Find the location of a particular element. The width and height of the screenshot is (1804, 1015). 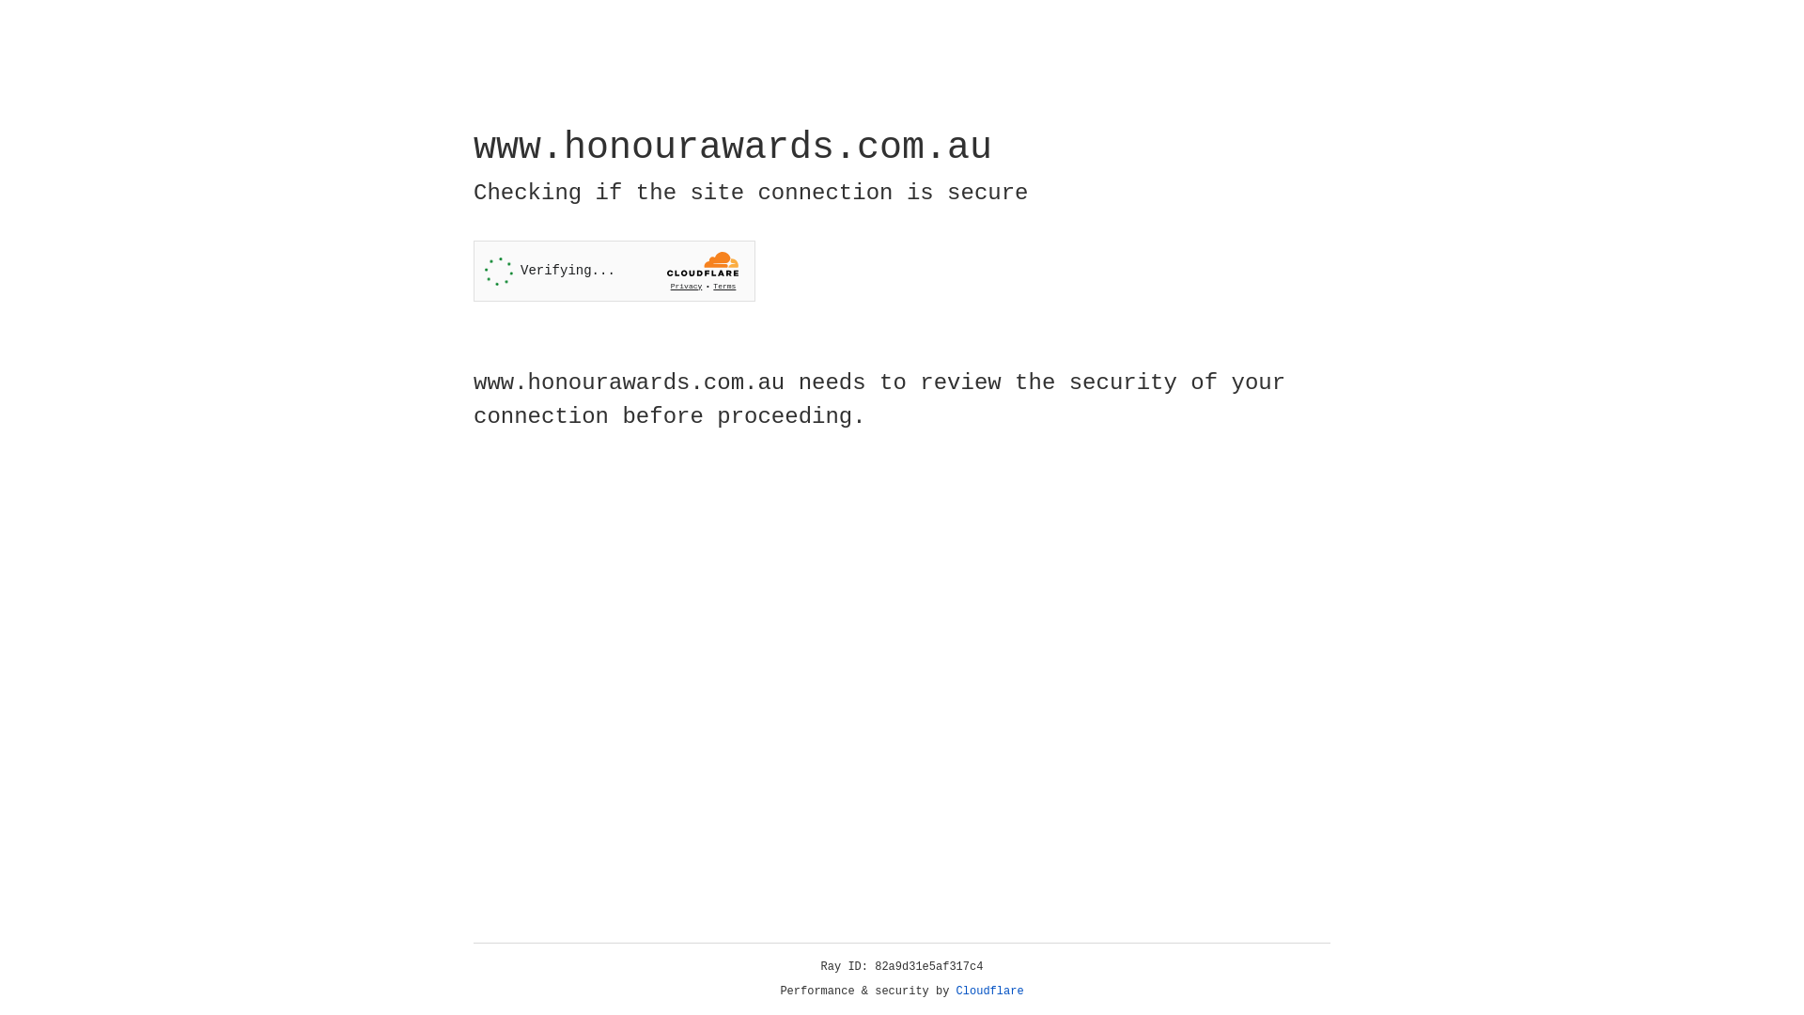

'Cloudflare' is located at coordinates (989, 991).